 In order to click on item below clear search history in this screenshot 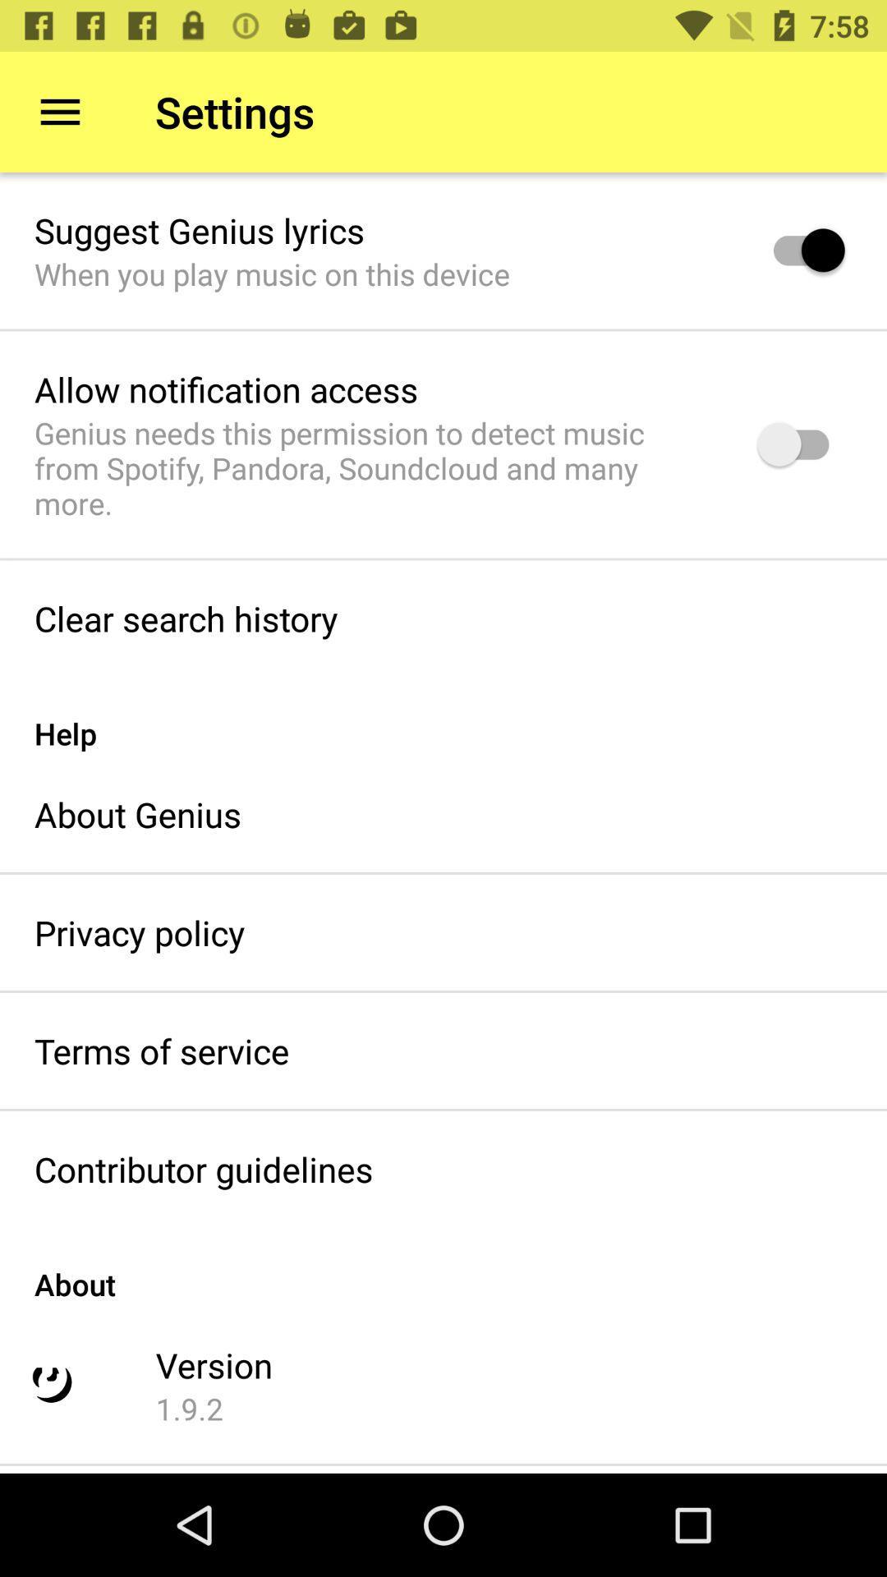, I will do `click(443, 716)`.